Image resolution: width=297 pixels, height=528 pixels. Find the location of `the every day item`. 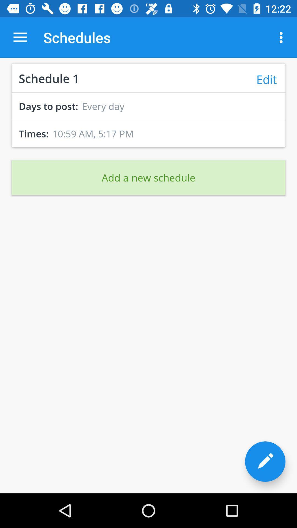

the every day item is located at coordinates (103, 106).